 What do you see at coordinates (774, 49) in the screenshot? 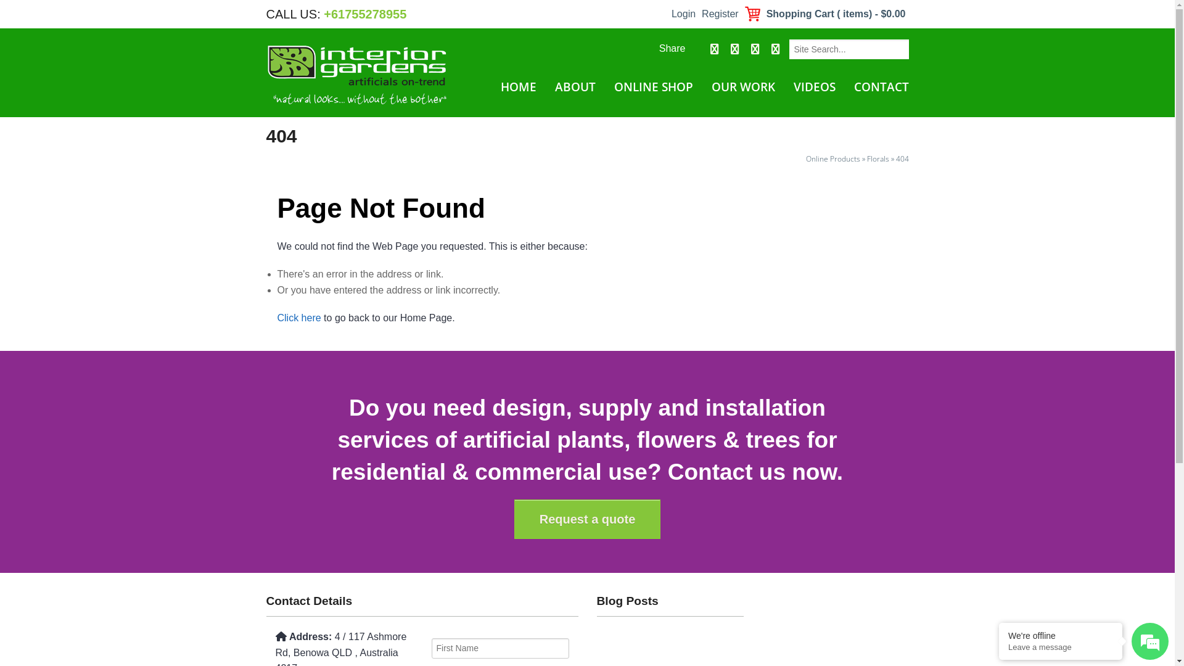
I see `'pinterest'` at bounding box center [774, 49].